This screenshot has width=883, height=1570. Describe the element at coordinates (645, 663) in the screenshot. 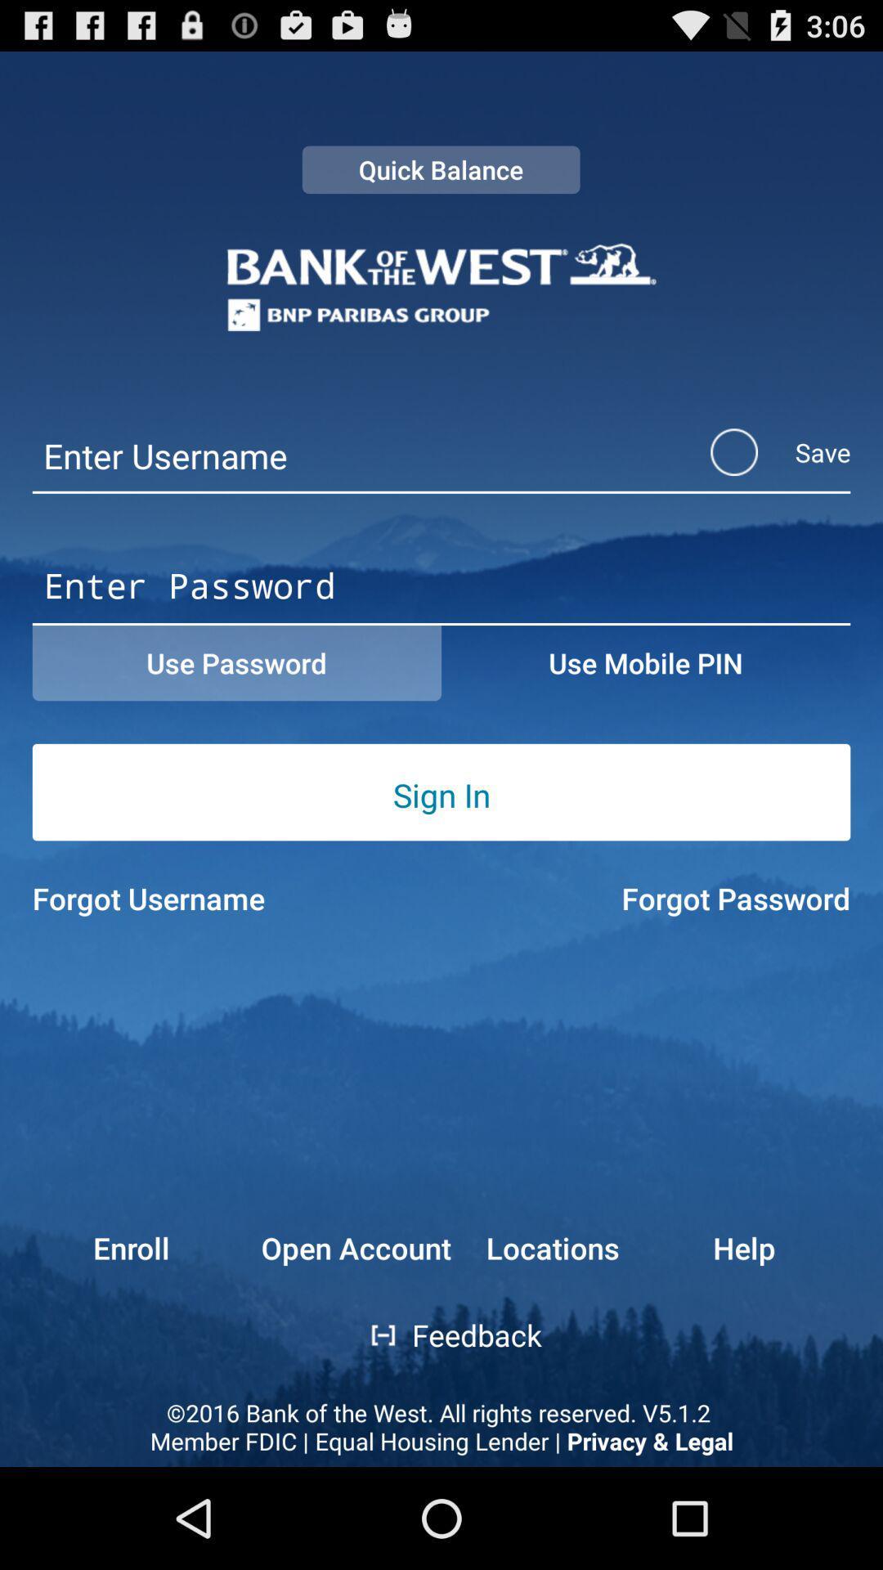

I see `the use mobile pin button` at that location.